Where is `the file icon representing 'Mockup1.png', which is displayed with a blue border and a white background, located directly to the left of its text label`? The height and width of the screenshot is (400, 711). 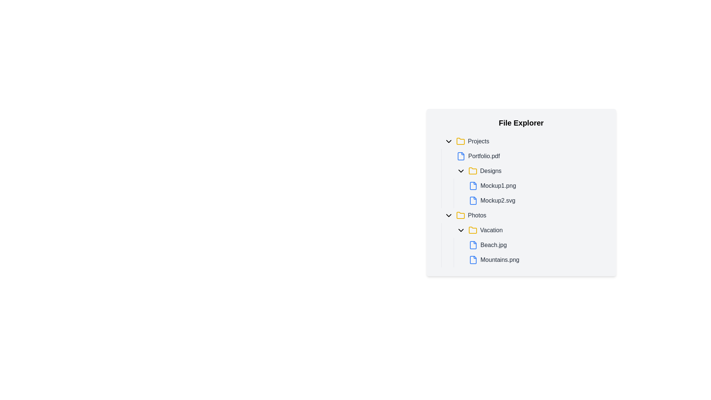
the file icon representing 'Mockup1.png', which is displayed with a blue border and a white background, located directly to the left of its text label is located at coordinates (473, 185).